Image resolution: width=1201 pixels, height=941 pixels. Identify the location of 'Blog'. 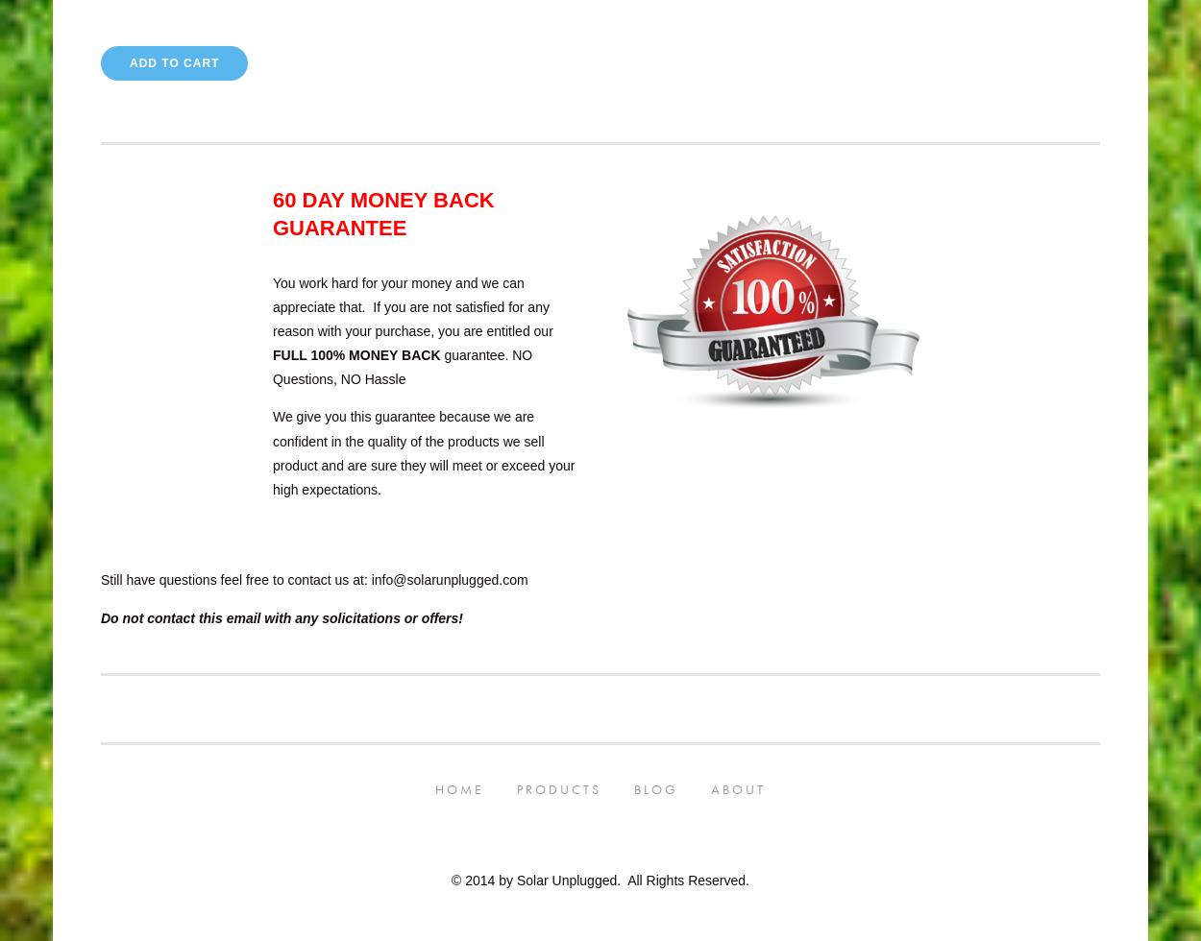
(655, 788).